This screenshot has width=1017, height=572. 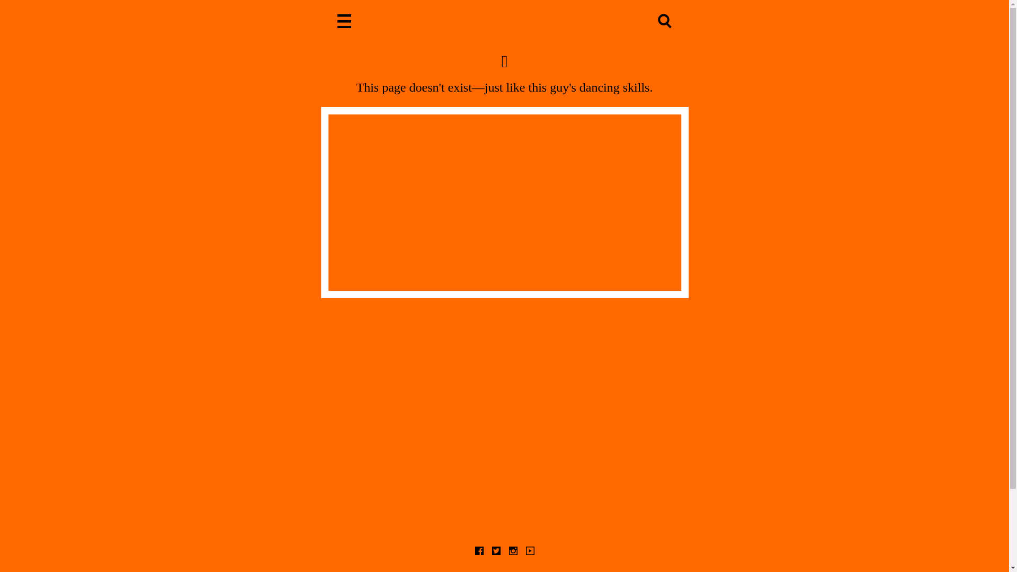 What do you see at coordinates (344, 22) in the screenshot?
I see `'web-page-mockAsset 14'` at bounding box center [344, 22].